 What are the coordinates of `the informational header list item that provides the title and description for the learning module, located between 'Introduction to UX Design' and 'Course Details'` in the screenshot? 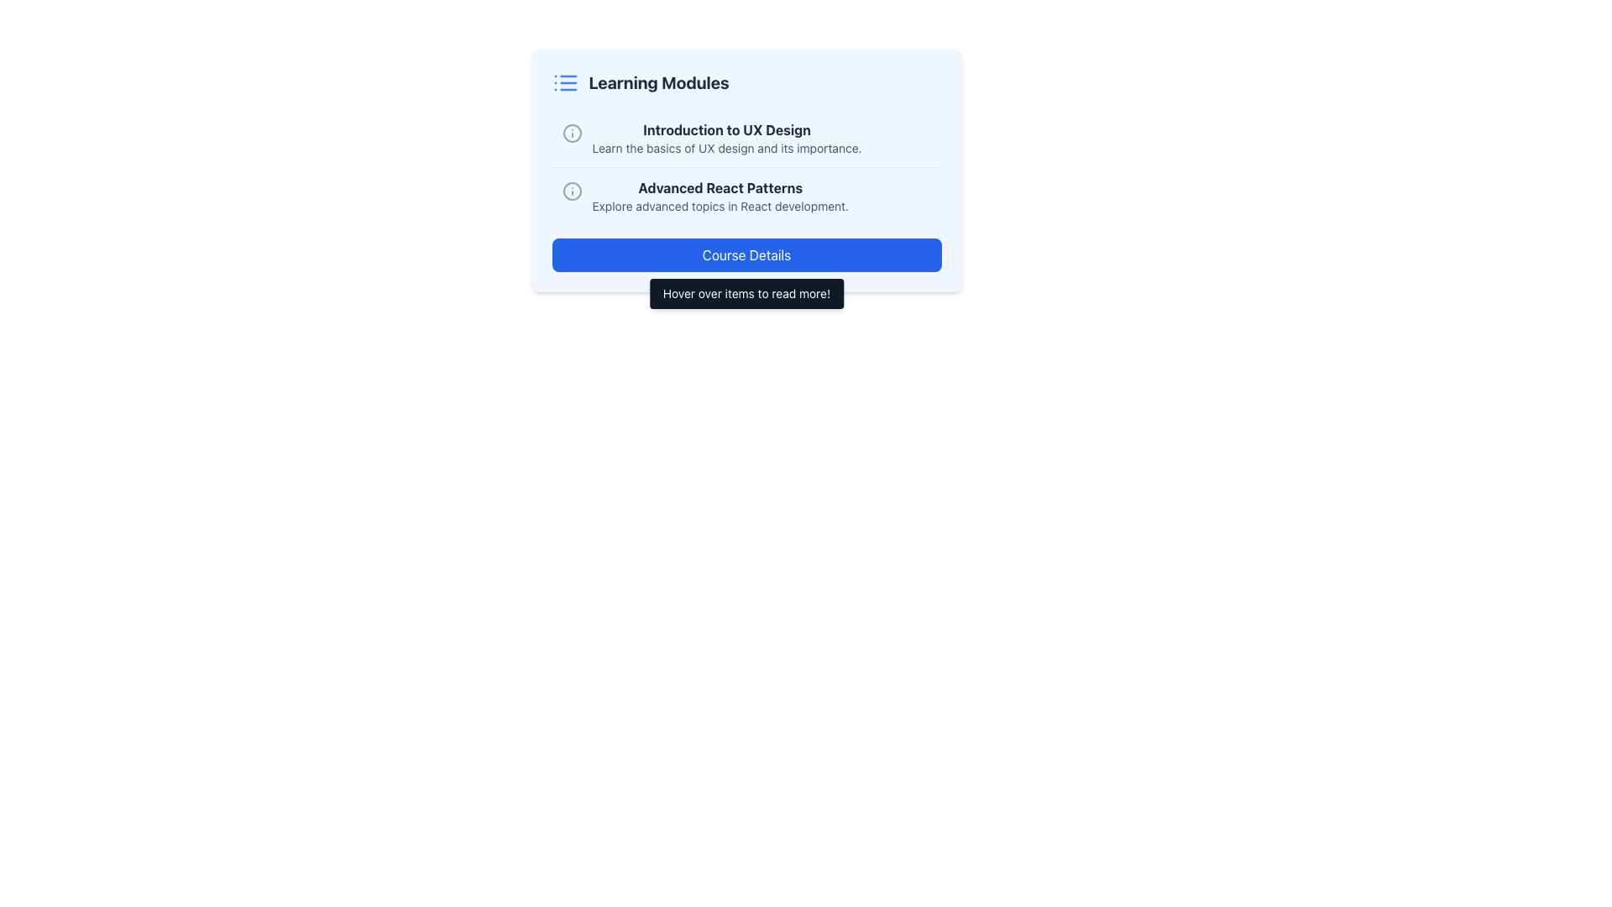 It's located at (746, 195).